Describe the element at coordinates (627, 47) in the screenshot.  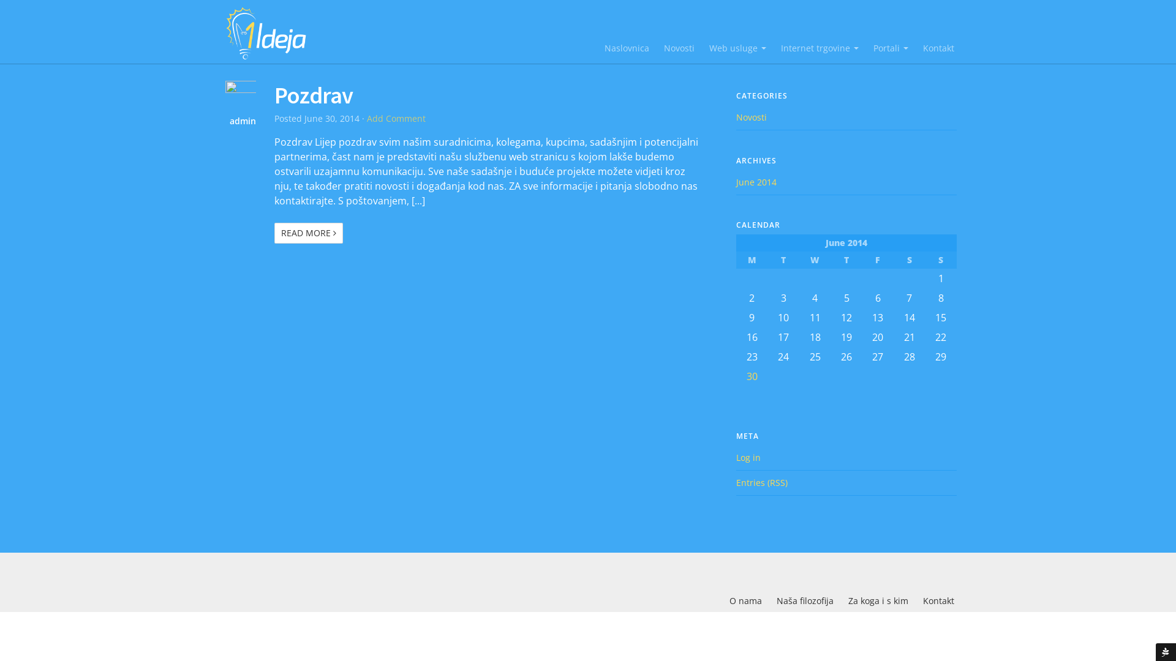
I see `'Naslovnica'` at that location.